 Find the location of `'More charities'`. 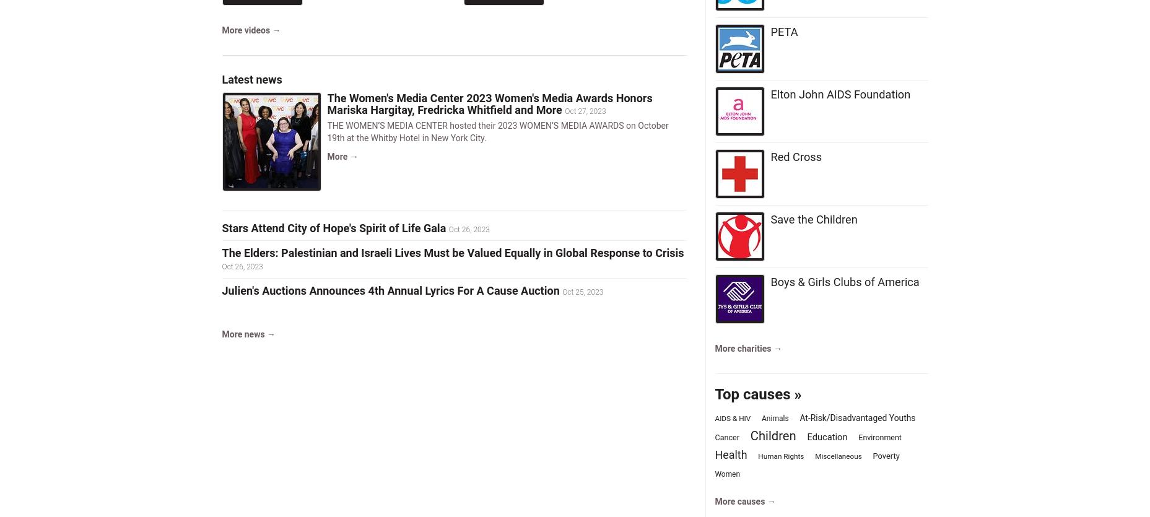

'More charities' is located at coordinates (743, 349).